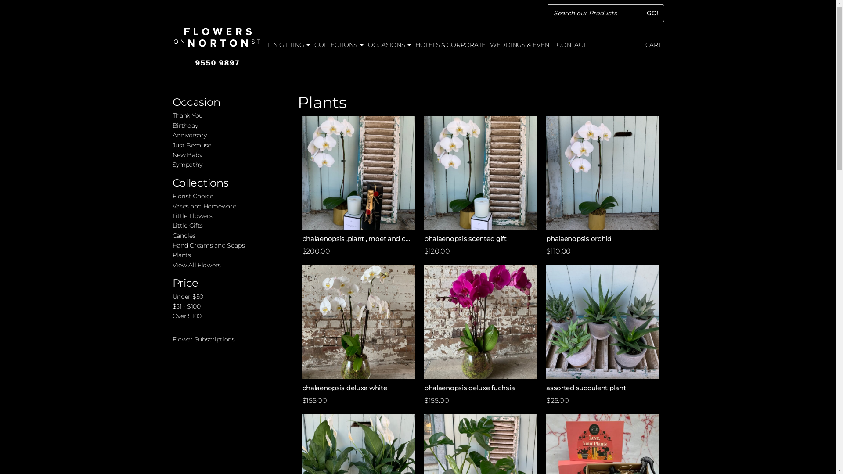  Describe the element at coordinates (652, 13) in the screenshot. I see `'GO!'` at that location.